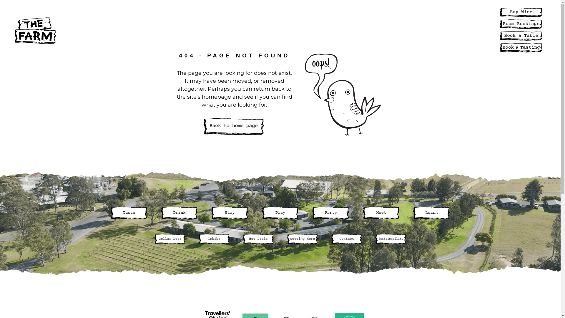  I want to click on 'Imbibe-9', so click(213, 239).